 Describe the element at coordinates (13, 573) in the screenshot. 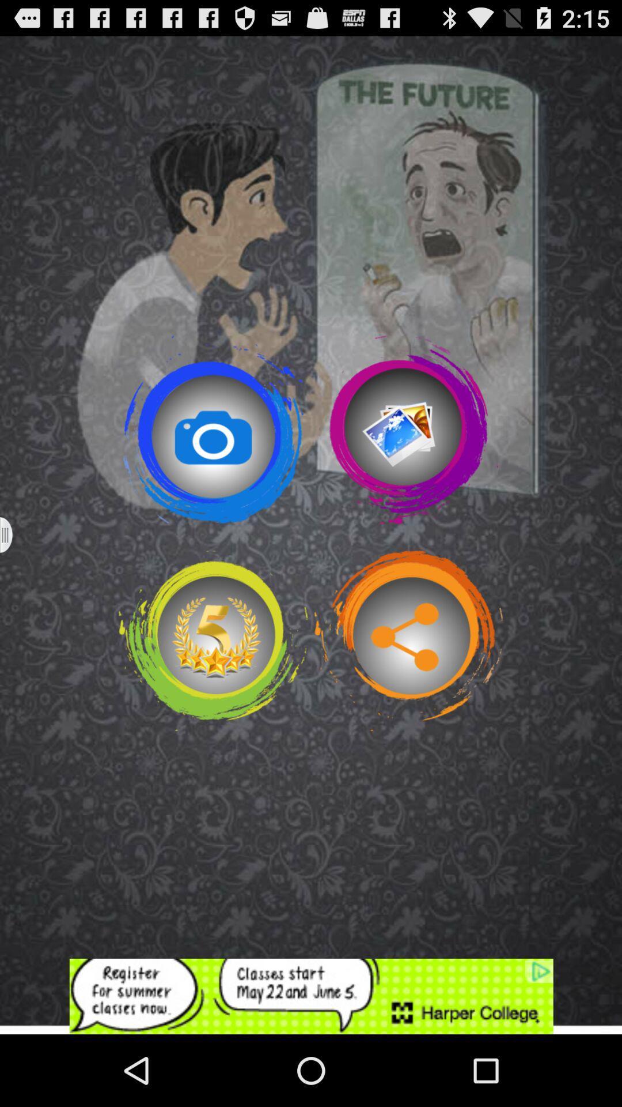

I see `the menu icon` at that location.